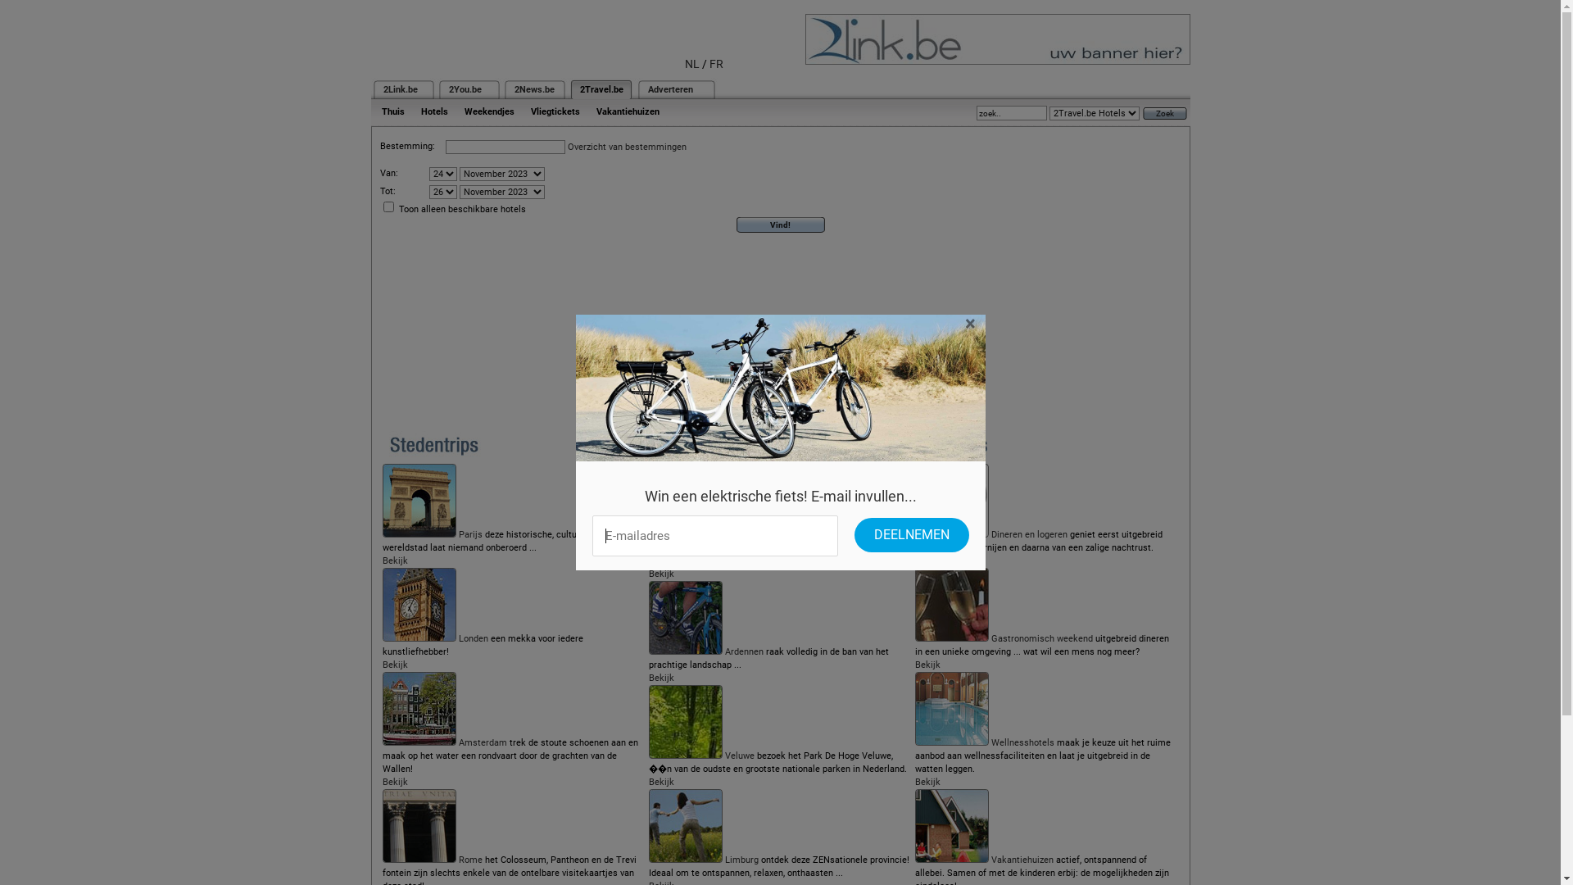  Describe the element at coordinates (927, 781) in the screenshot. I see `'Bekijk'` at that location.